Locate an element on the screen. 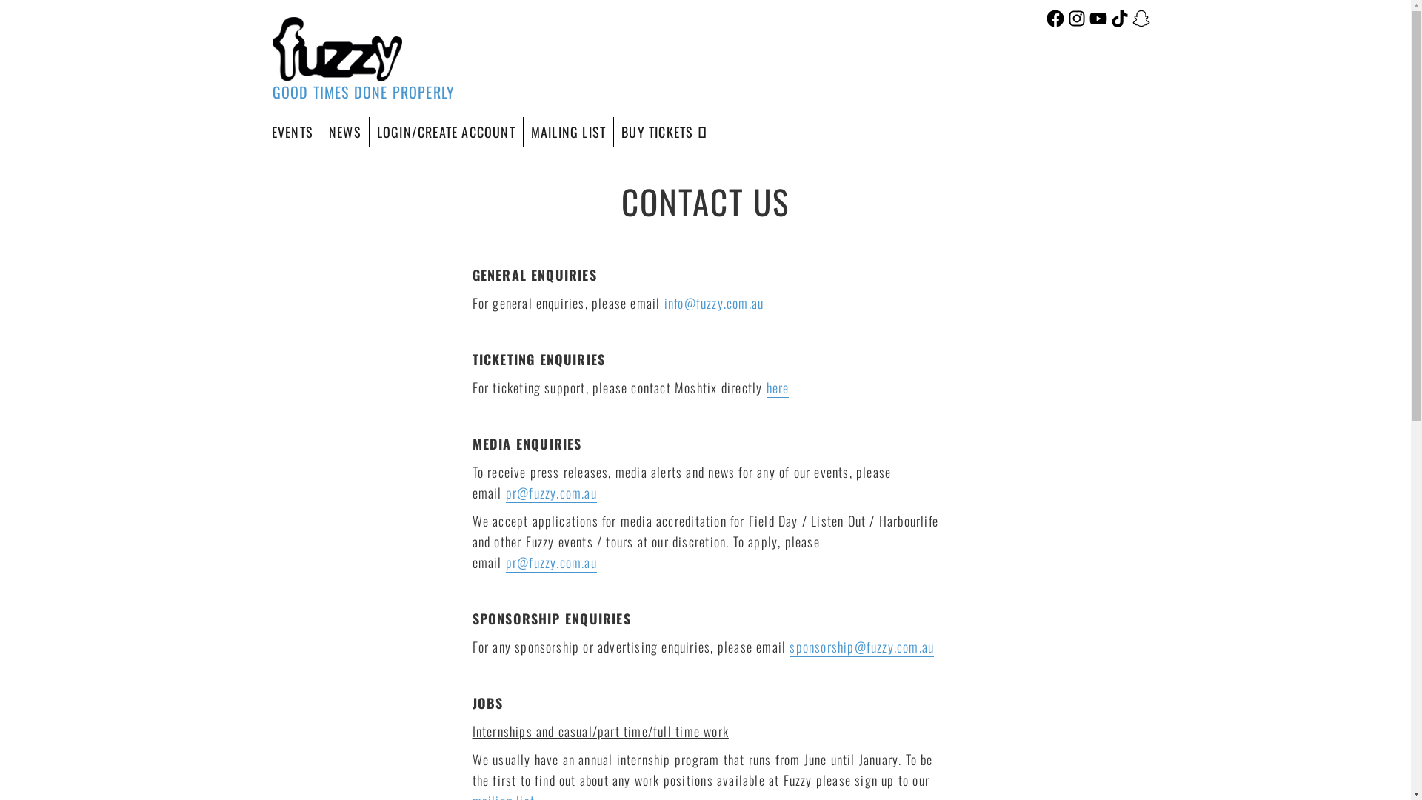 This screenshot has width=1422, height=800. 'MAILING LIST' is located at coordinates (568, 130).